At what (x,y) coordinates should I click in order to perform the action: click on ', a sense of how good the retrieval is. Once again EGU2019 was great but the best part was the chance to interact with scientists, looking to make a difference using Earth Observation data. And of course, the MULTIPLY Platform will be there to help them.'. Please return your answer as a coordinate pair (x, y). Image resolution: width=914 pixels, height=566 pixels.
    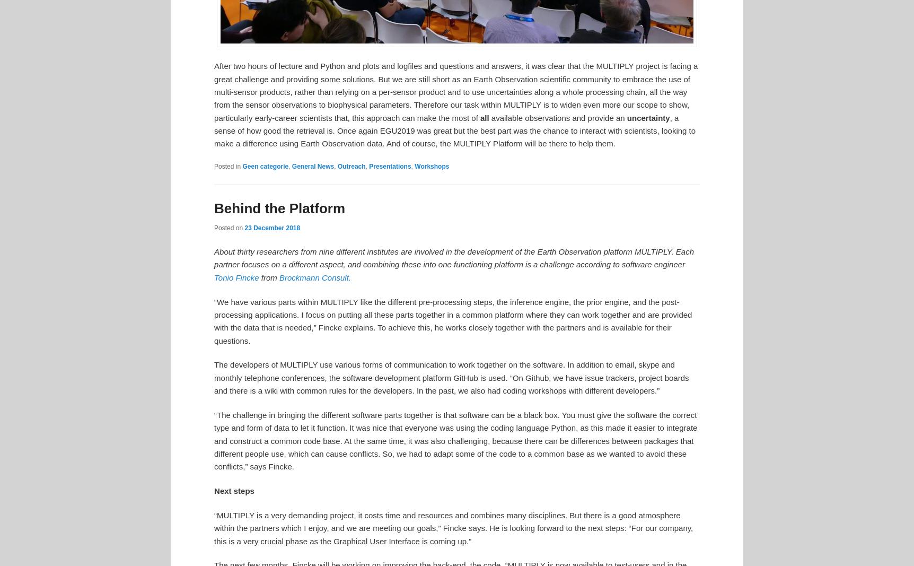
    Looking at the image, I should click on (454, 130).